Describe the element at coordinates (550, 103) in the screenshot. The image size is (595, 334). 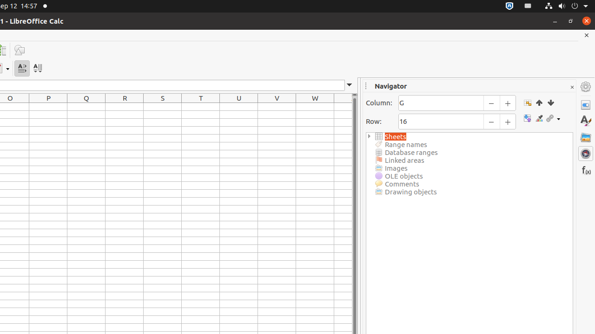
I see `'End'` at that location.